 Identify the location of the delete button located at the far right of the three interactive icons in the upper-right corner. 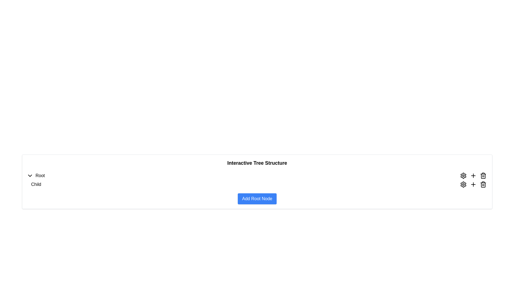
(483, 176).